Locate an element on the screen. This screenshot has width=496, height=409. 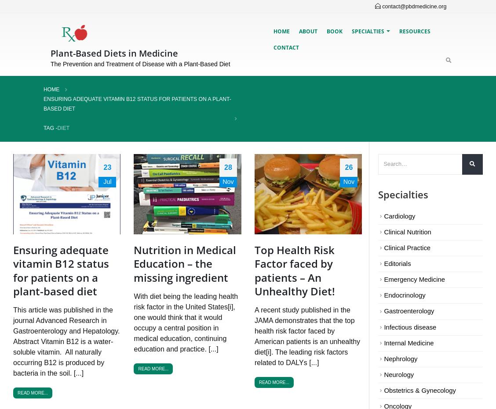
'This article was published in the journal Advanced Research in Gastroenterology and Hepatology.
Abstract
Vitamin B12 is a water-soluble vitamin.  All naturally occurring B12 is produced by bacteria in the soil. [...]' is located at coordinates (66, 341).